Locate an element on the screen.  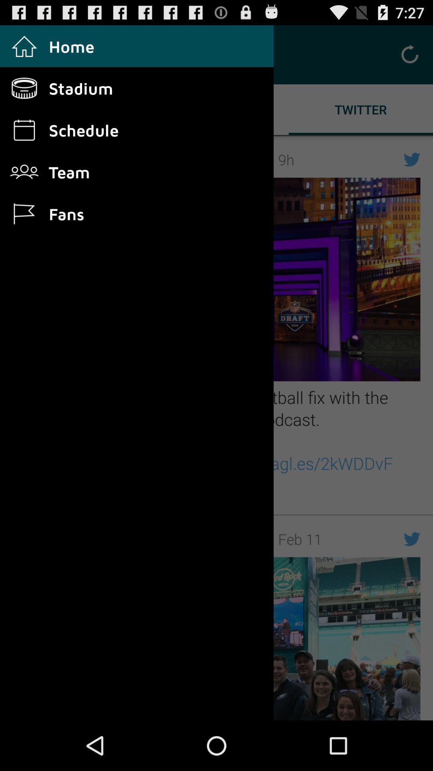
twitter icon right to 9h is located at coordinates (412, 159).